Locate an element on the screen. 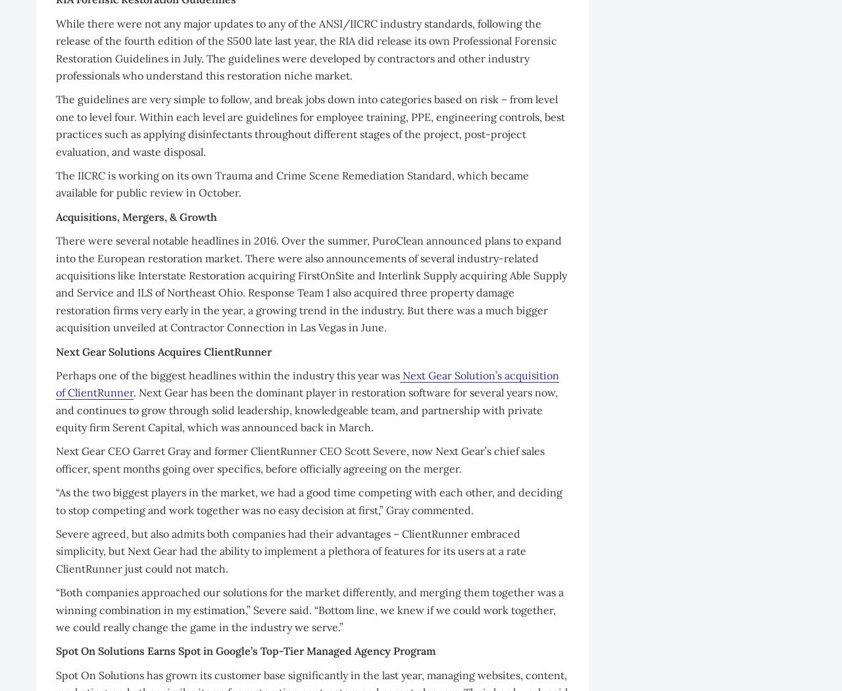 This screenshot has width=842, height=691. 'Next Gear Solutions Acquires ClientRunner' is located at coordinates (162, 350).